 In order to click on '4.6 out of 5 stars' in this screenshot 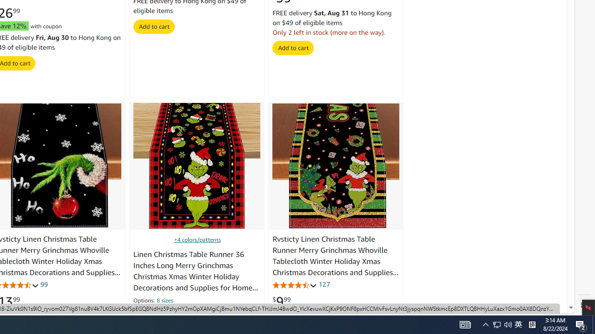, I will do `click(294, 284)`.